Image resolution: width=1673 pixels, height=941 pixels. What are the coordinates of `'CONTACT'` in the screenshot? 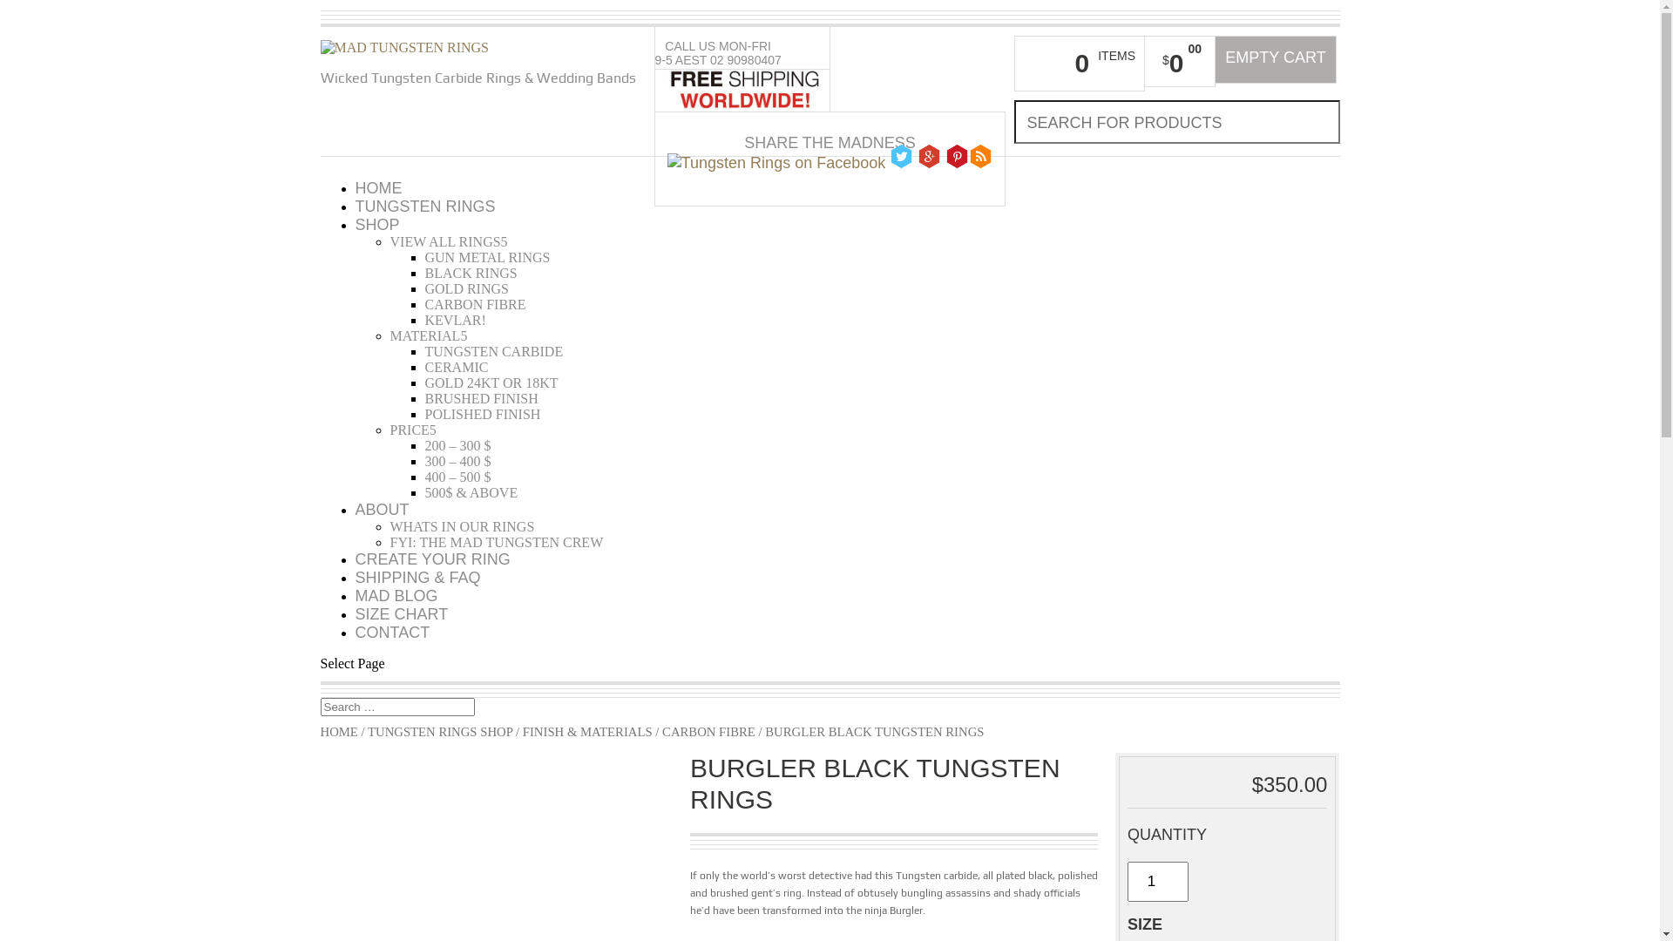 It's located at (392, 632).